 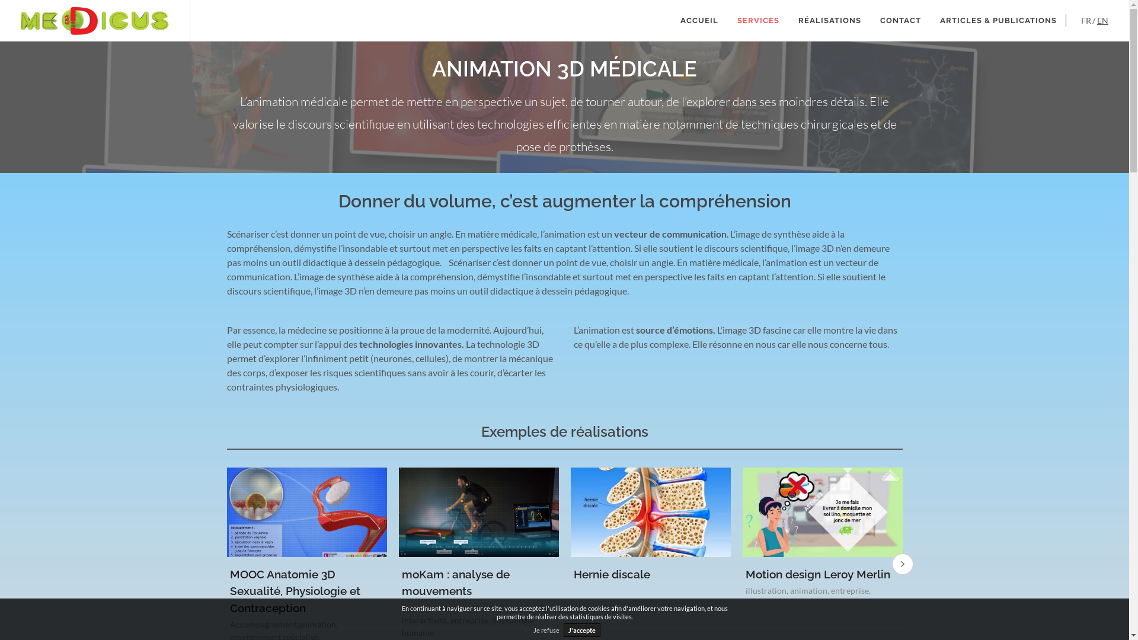 What do you see at coordinates (766, 590) in the screenshot?
I see `'illustration'` at bounding box center [766, 590].